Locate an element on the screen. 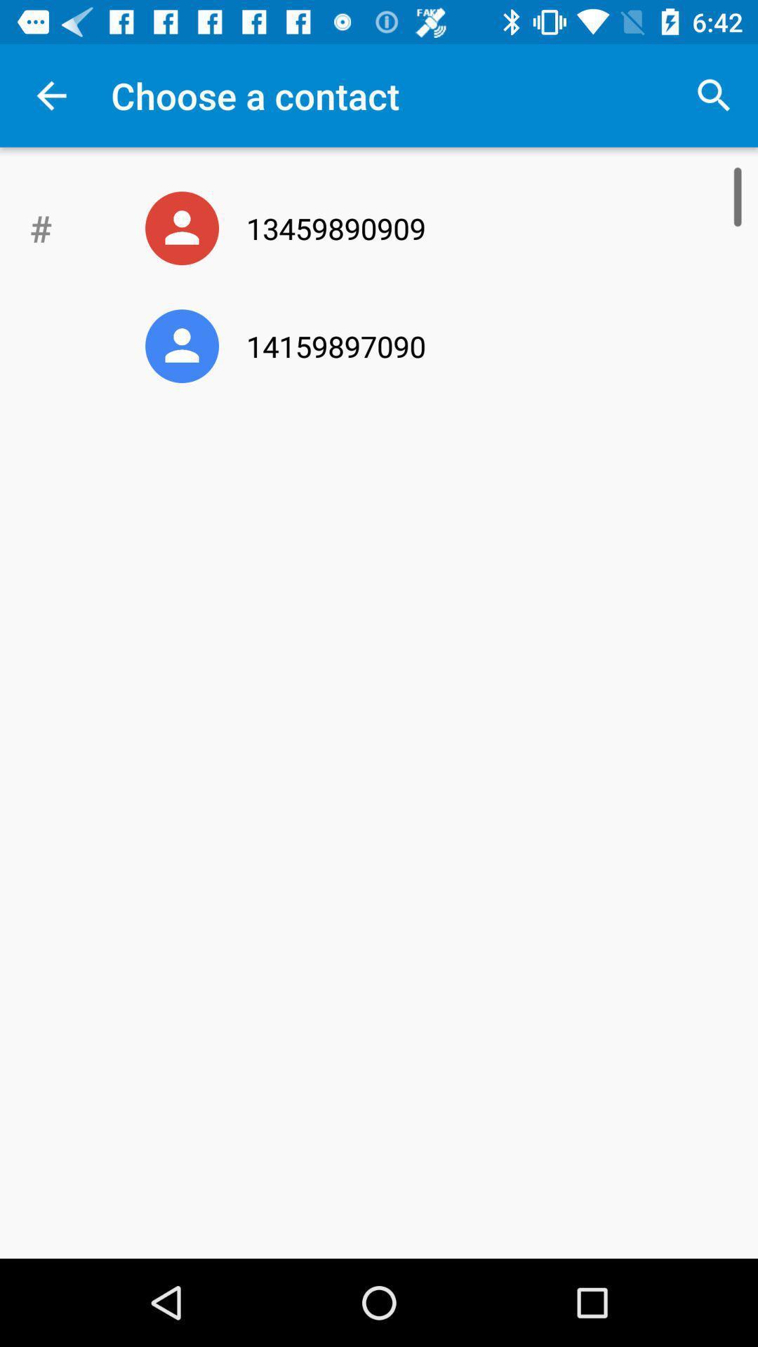 This screenshot has height=1347, width=758. app to the right of choose a contact item is located at coordinates (714, 95).